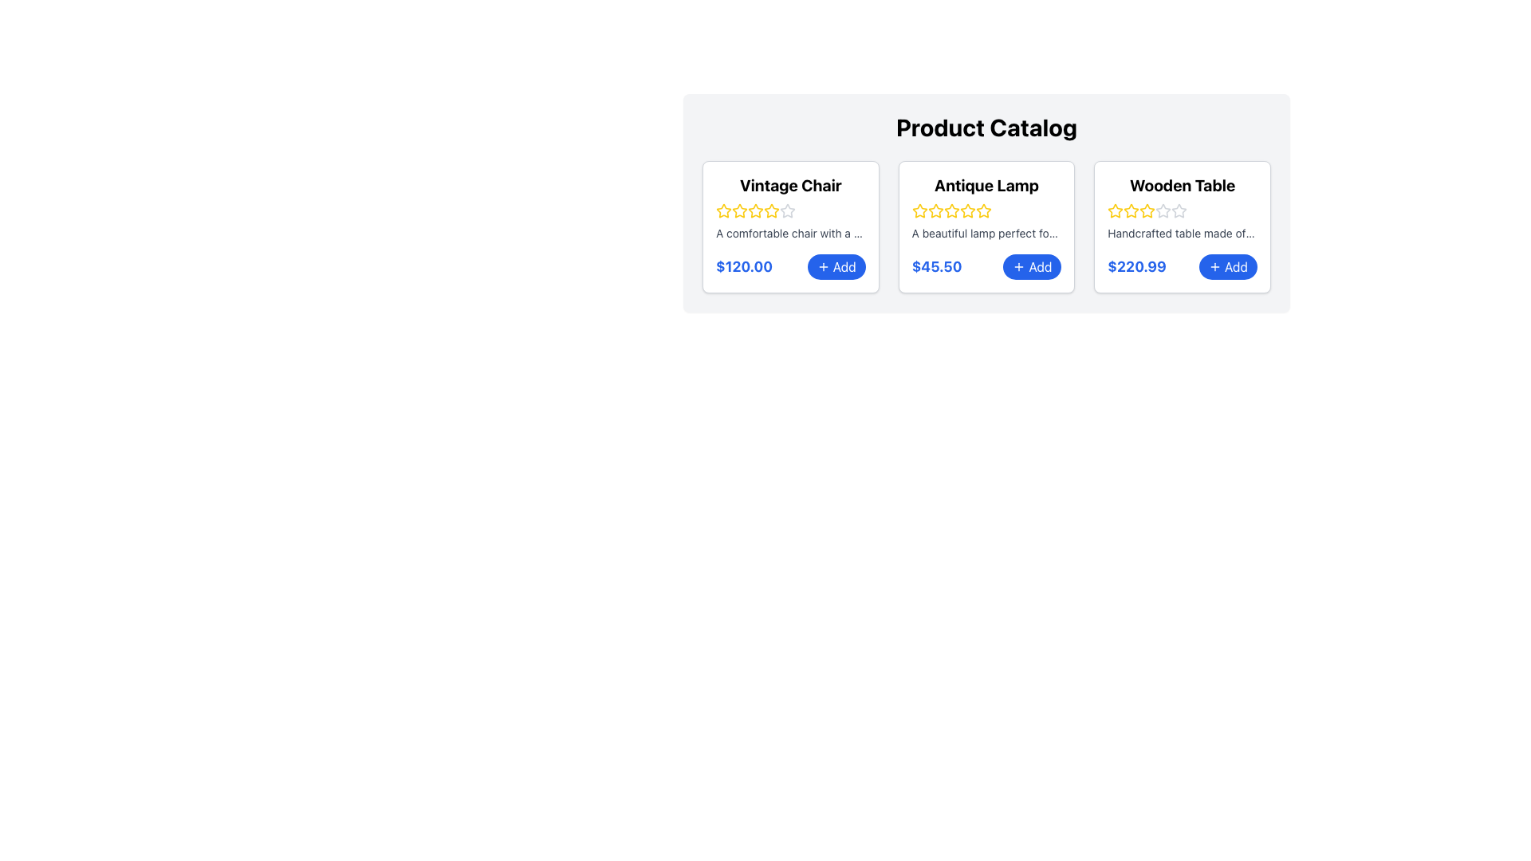 The image size is (1531, 861). I want to click on the blue plus sign SVG icon located within the 'Add' button for the 'Wooden Table' product, so click(1214, 266).